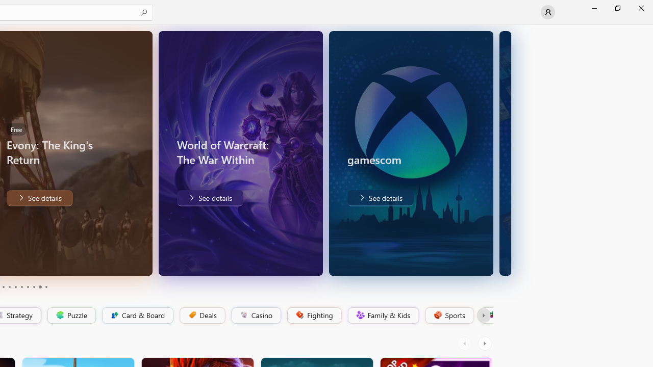  I want to click on 'Sports', so click(448, 315).